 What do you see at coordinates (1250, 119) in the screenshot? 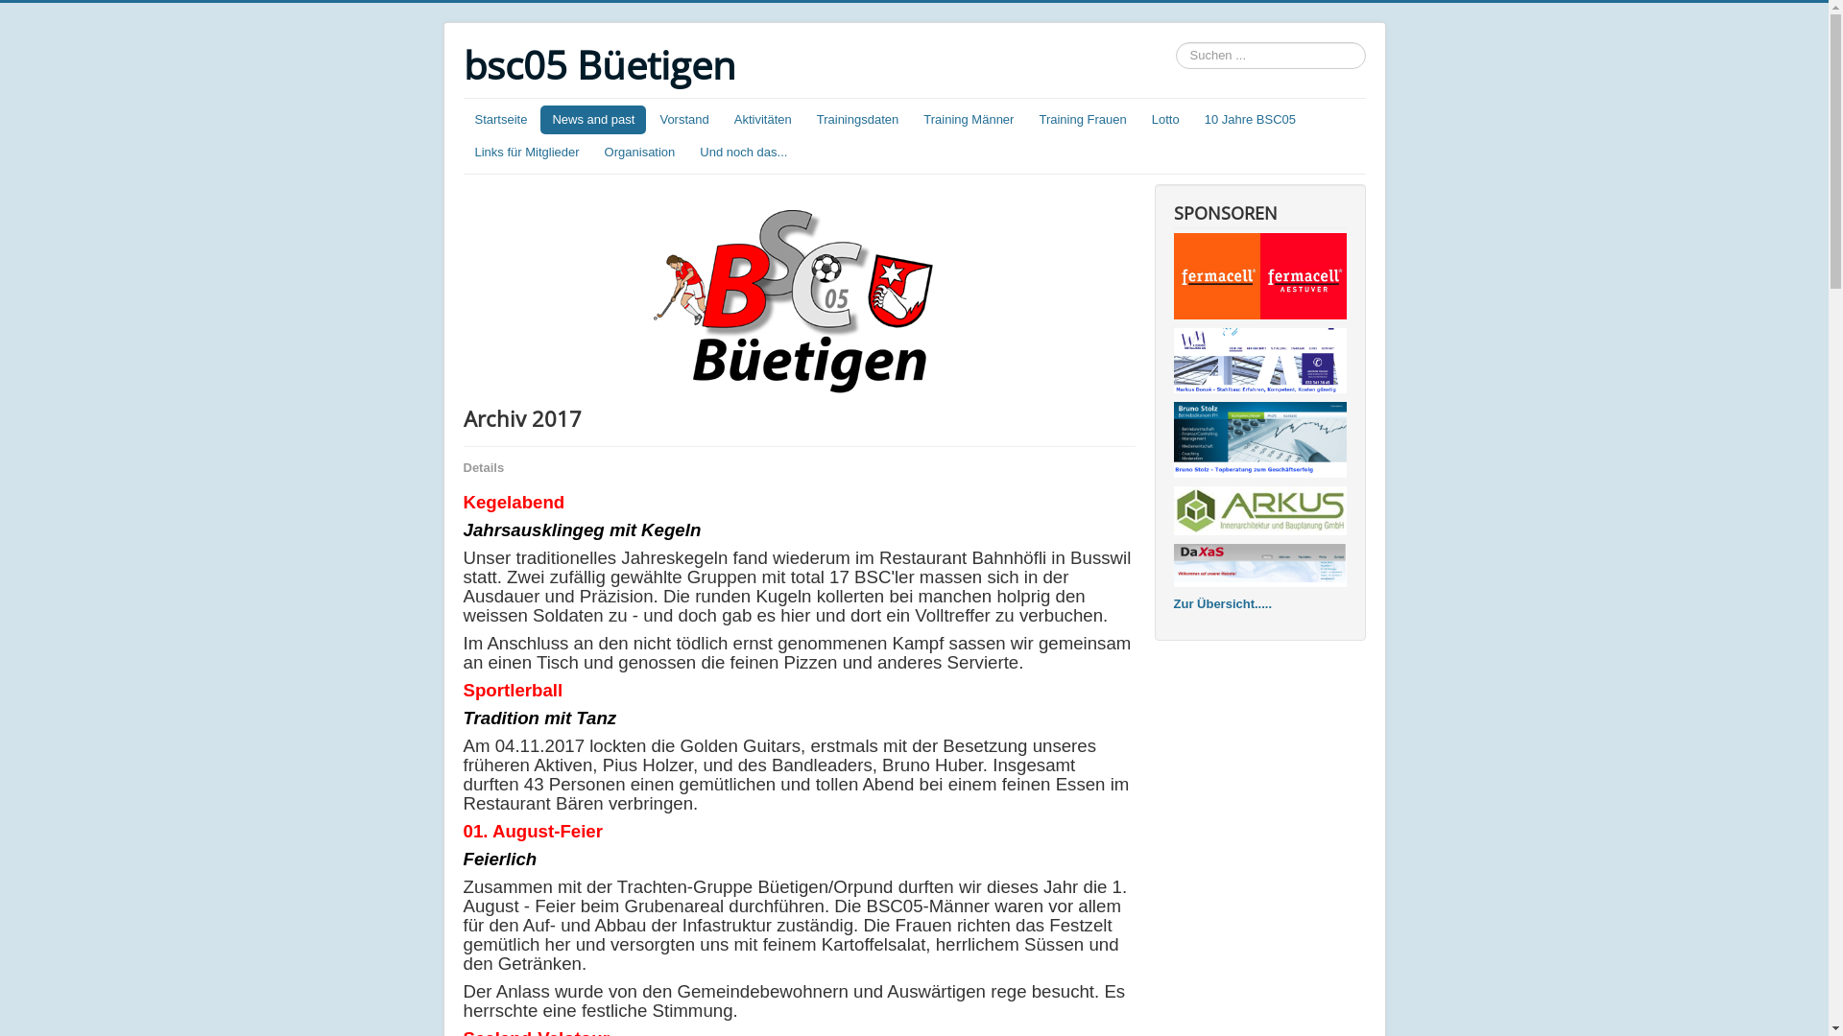
I see `'10 Jahre BSC05'` at bounding box center [1250, 119].